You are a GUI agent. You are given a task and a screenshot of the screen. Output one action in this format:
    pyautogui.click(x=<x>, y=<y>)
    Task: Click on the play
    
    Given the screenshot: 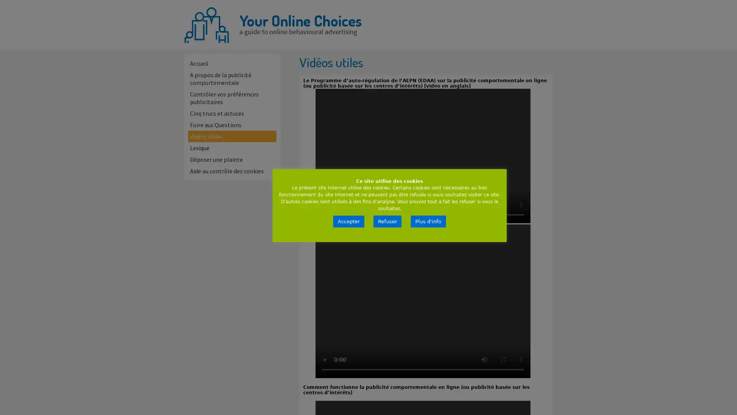 What is the action you would take?
    pyautogui.click(x=324, y=204)
    